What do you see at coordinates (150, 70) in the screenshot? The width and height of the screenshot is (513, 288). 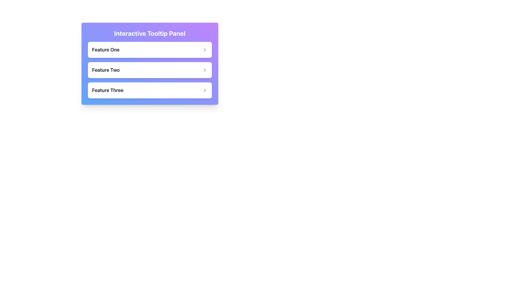 I see `the Card-like UI element that represents 'Feature Two'` at bounding box center [150, 70].